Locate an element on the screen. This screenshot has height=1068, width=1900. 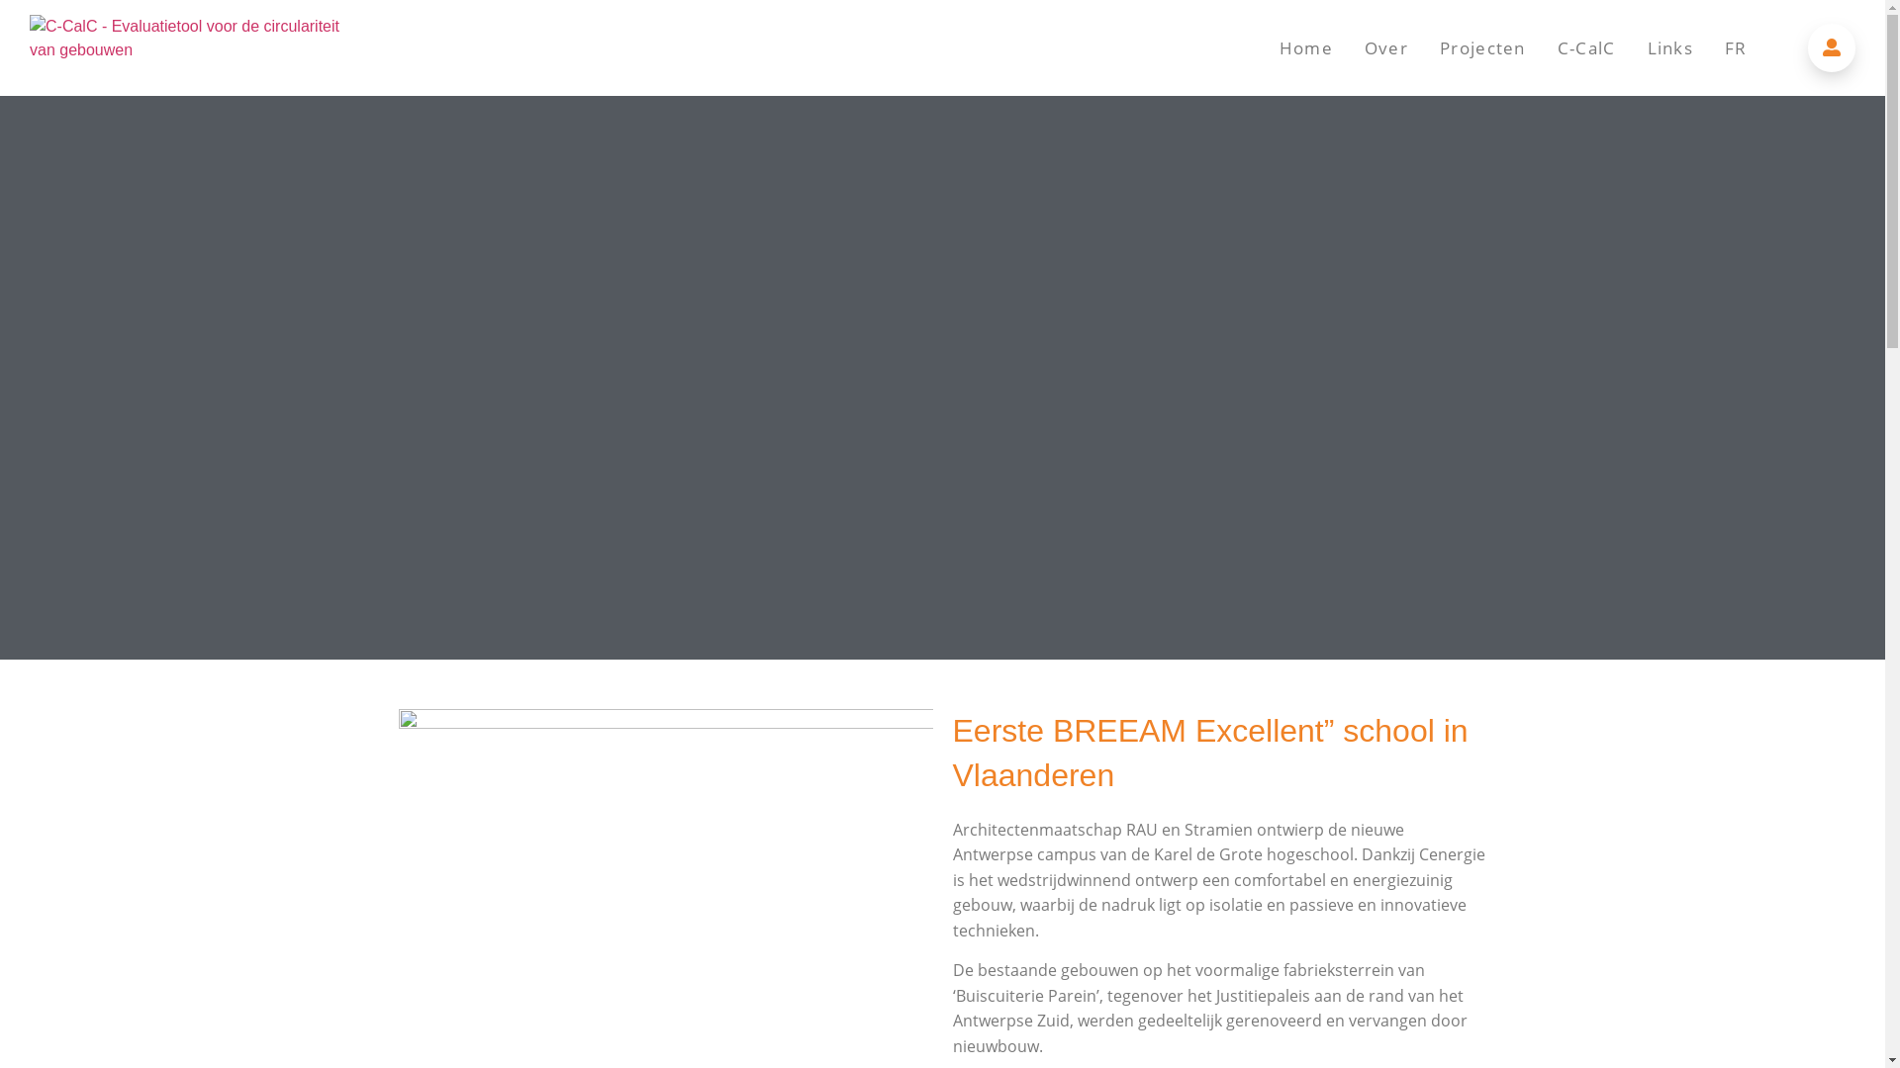
'Links' is located at coordinates (1669, 47).